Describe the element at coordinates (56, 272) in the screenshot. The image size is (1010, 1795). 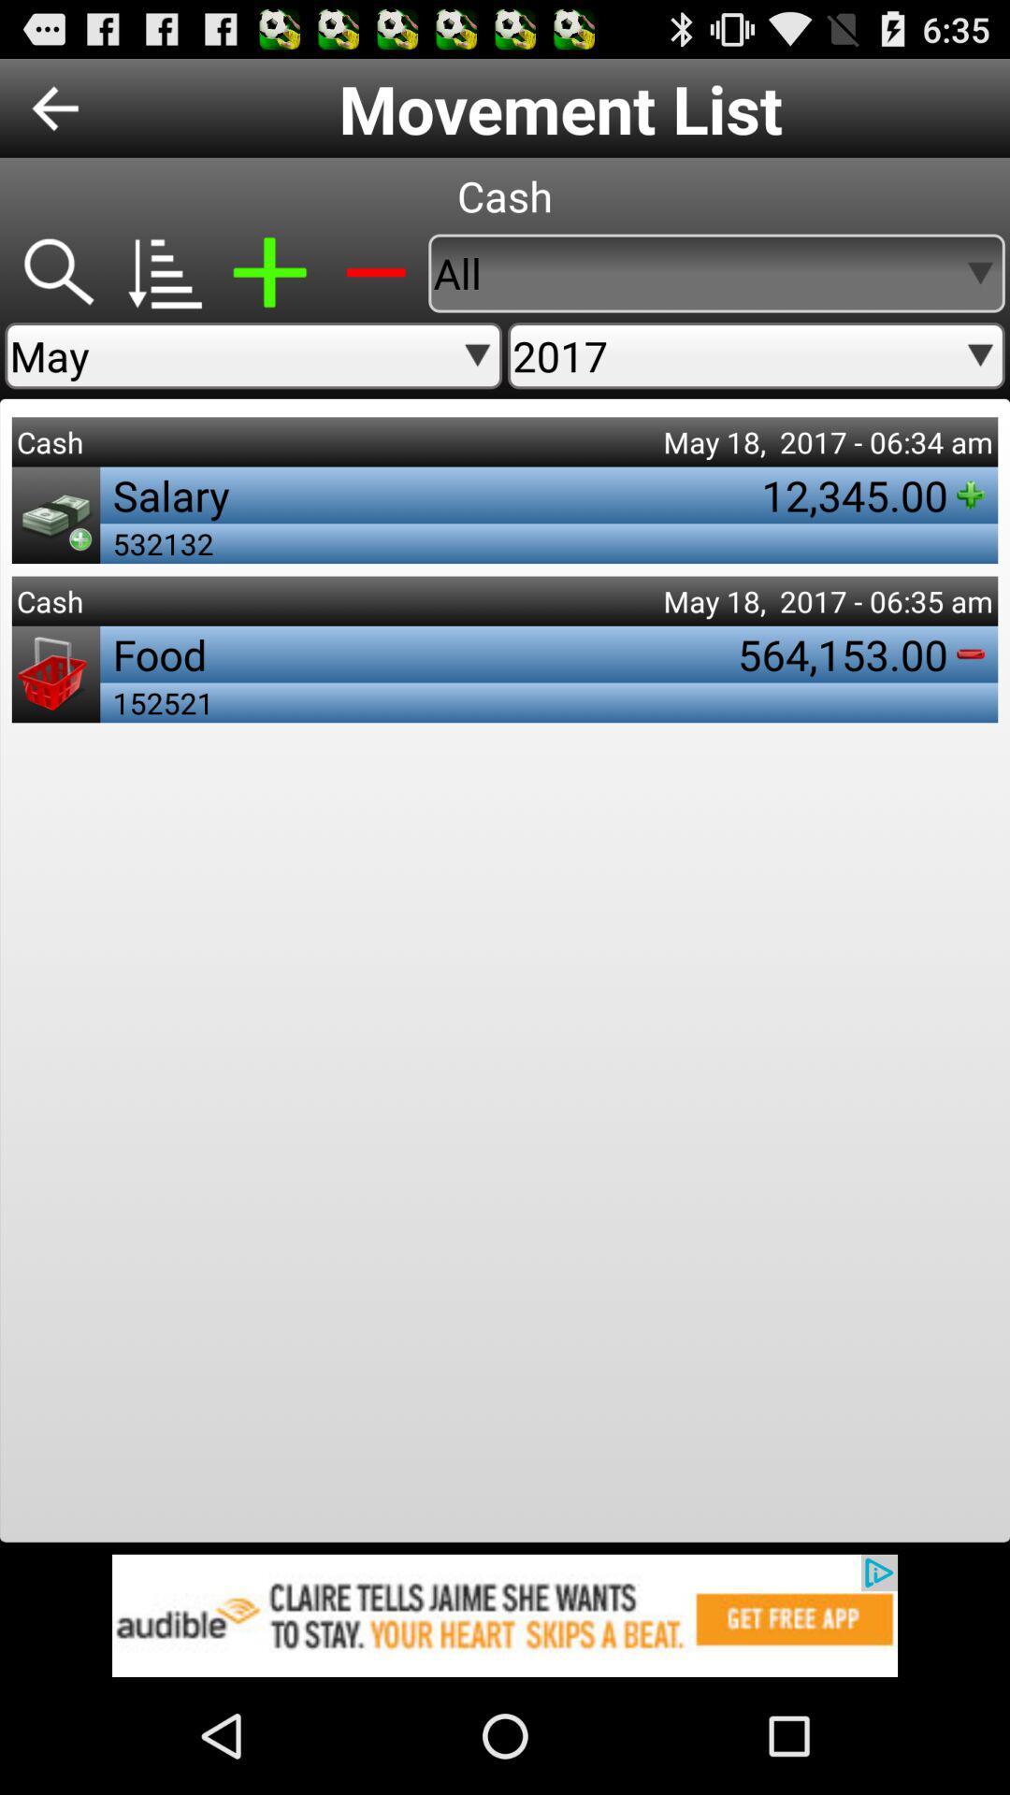
I see `search` at that location.